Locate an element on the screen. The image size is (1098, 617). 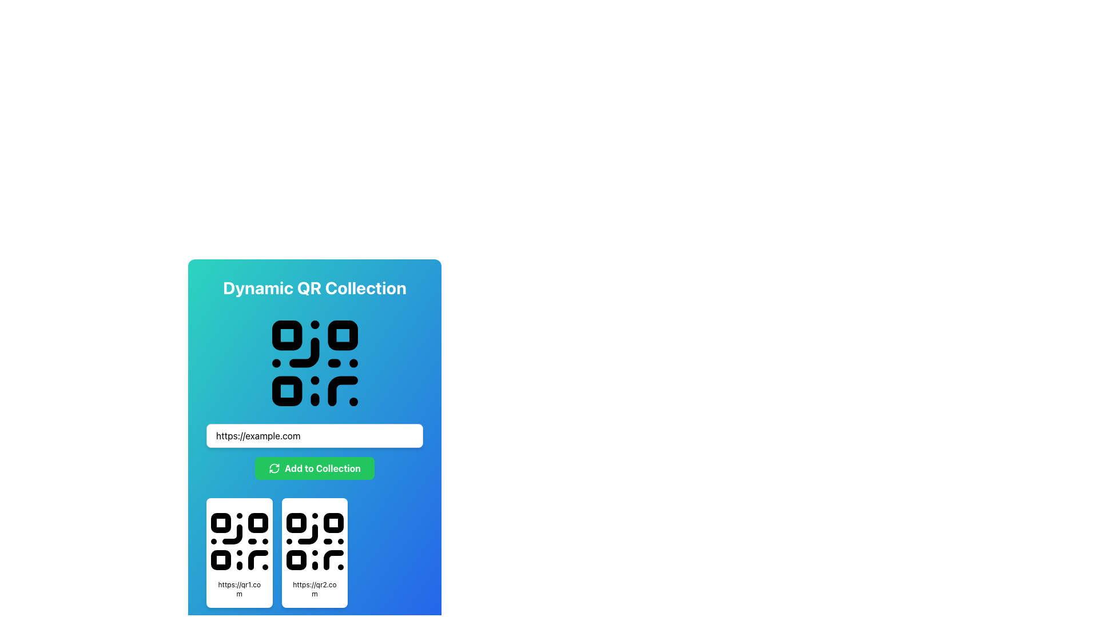
the static text label displaying the URL 'https://qr2.com', which is located beneath the QR code graphic in the second column of a two-column grid is located at coordinates (315, 590).